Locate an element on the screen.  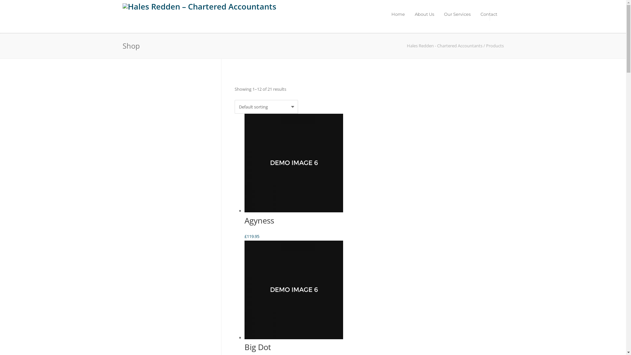
'Contact' is located at coordinates (488, 14).